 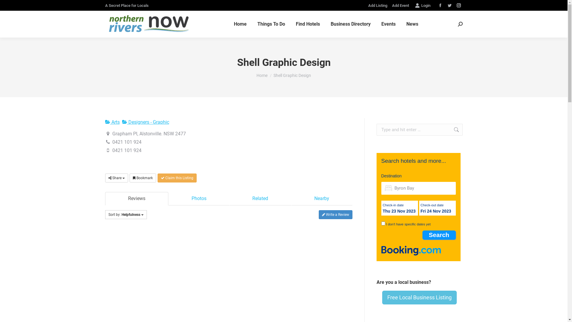 I want to click on 'Arts', so click(x=112, y=122).